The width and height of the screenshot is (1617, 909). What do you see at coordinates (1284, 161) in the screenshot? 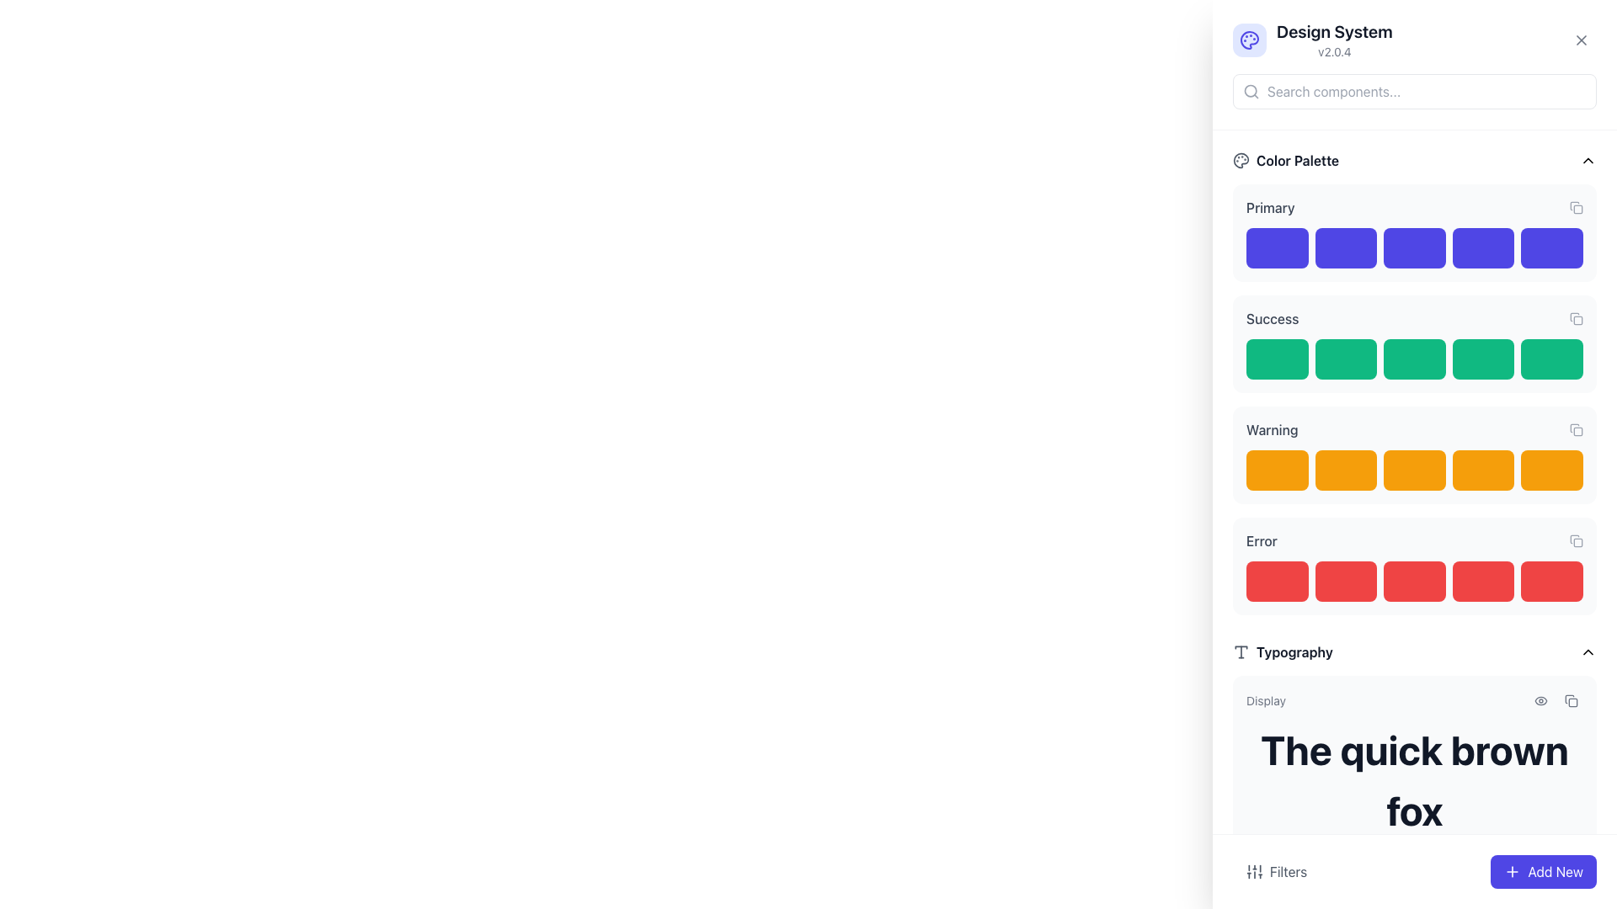
I see `the 'Color Palette' label which features a palette icon on the left and bold text on the right, located in the top section of the right pane` at bounding box center [1284, 161].